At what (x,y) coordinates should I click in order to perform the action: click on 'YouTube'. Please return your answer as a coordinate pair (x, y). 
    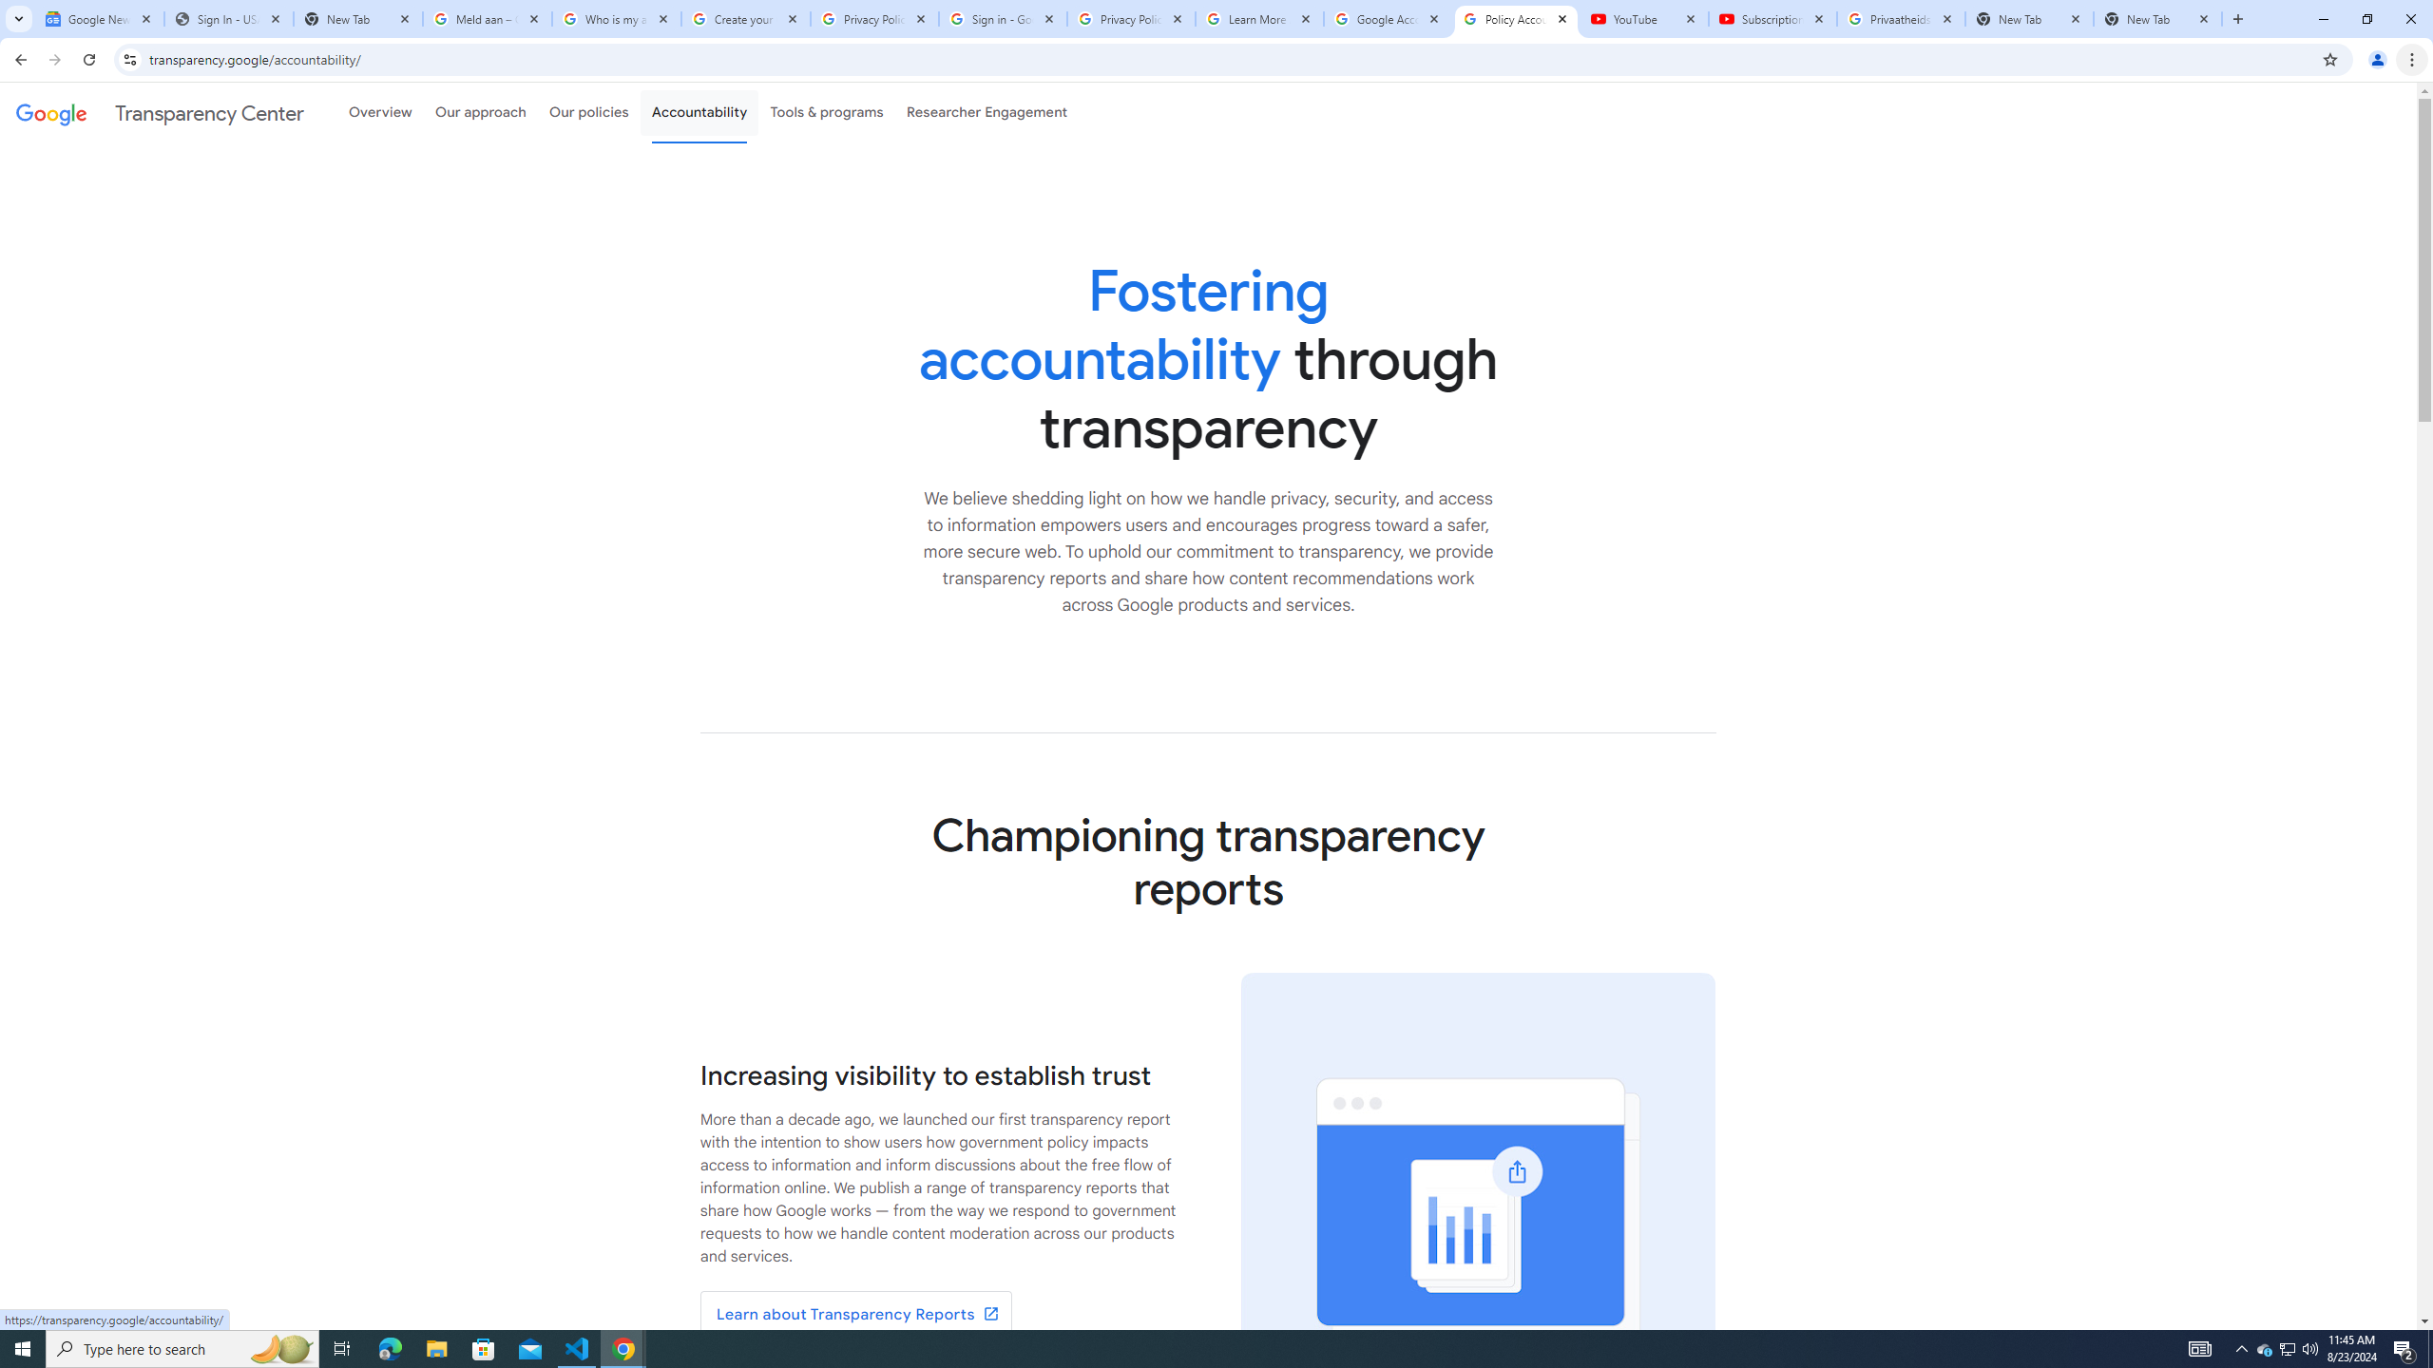
    Looking at the image, I should click on (1643, 18).